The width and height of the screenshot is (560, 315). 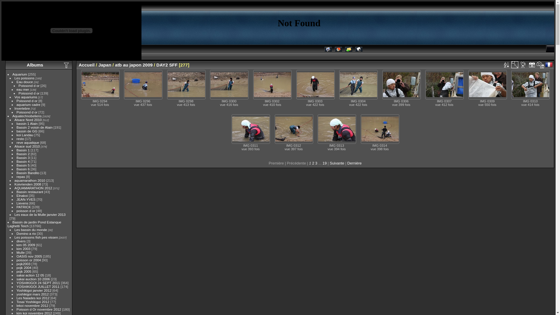 I want to click on 'sakai action 12 05', so click(x=30, y=275).